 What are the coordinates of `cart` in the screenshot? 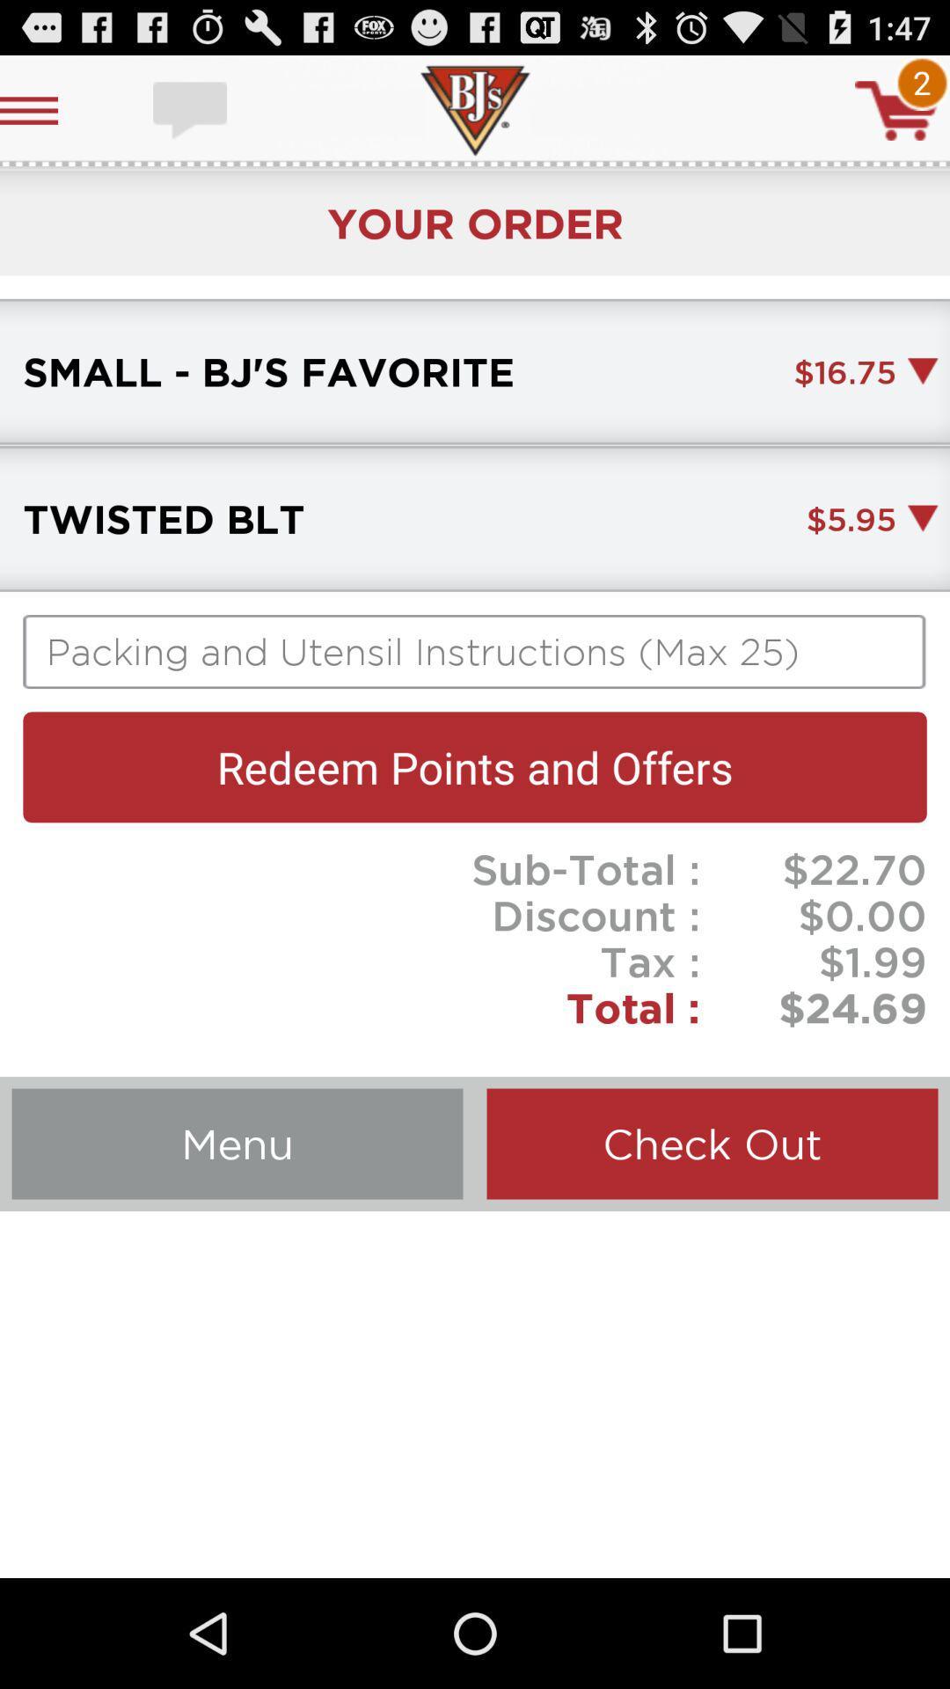 It's located at (896, 109).